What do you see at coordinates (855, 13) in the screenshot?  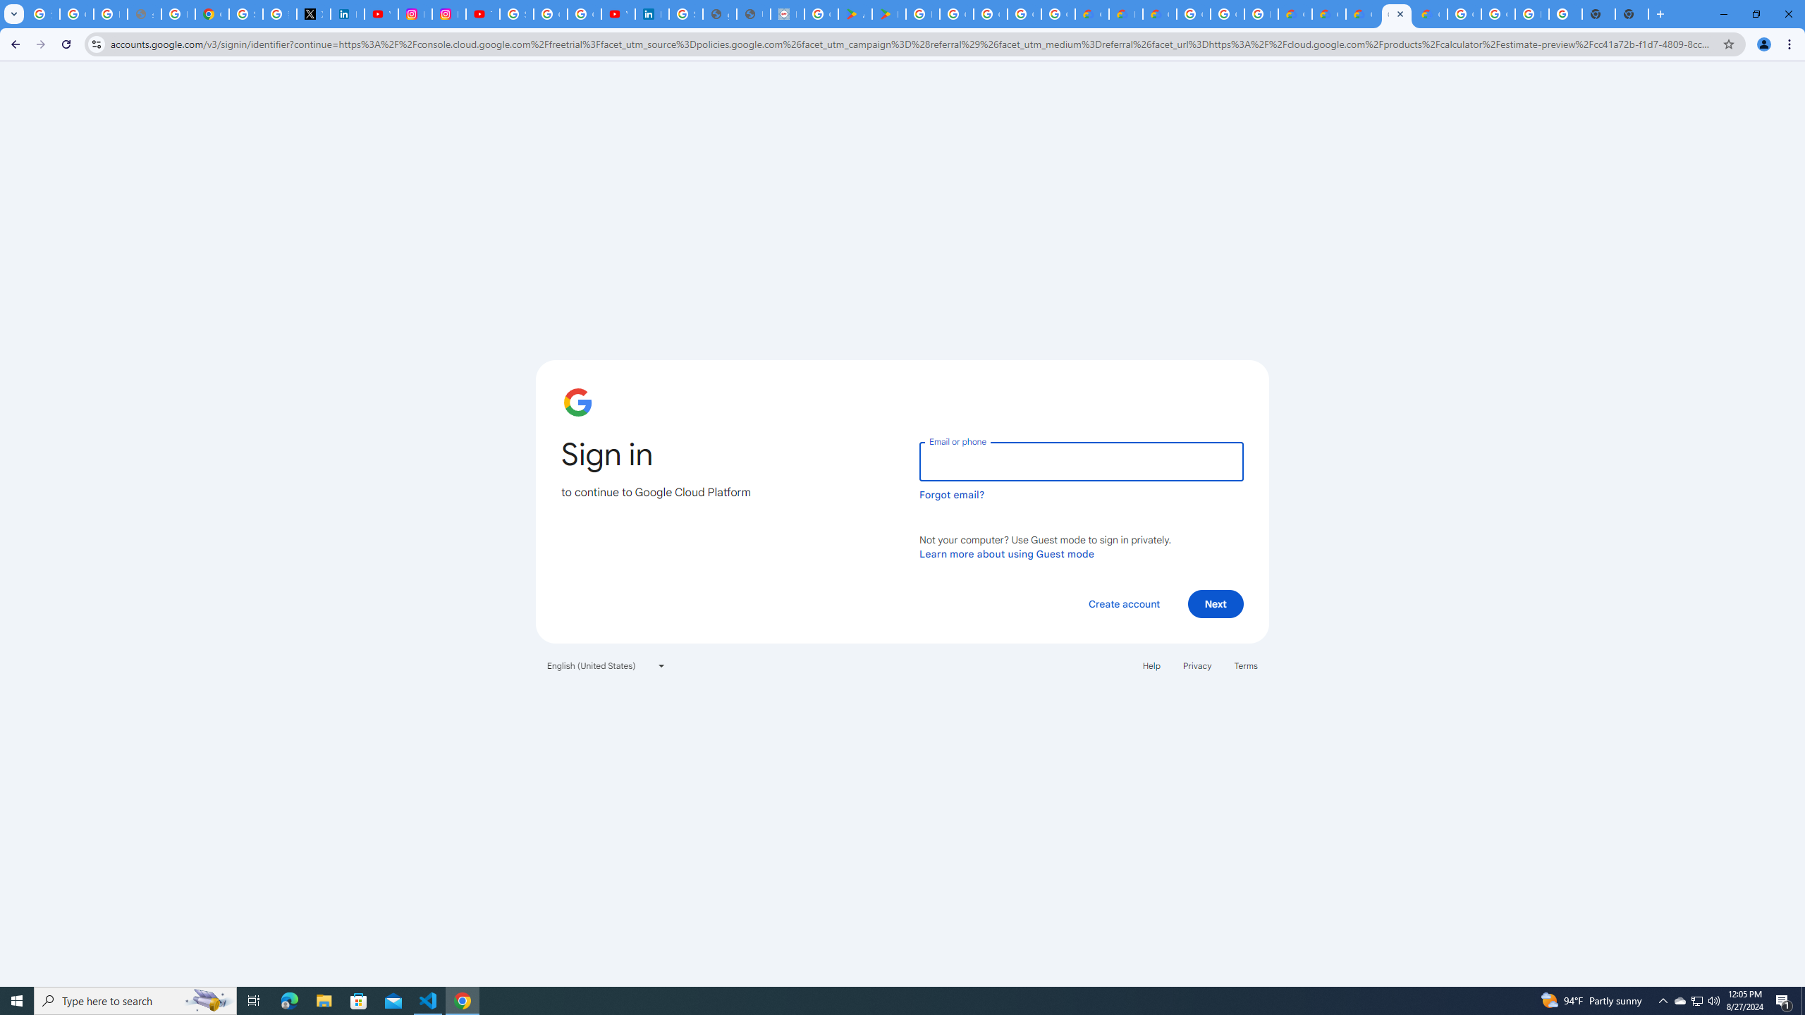 I see `'Android Apps on Google Play'` at bounding box center [855, 13].